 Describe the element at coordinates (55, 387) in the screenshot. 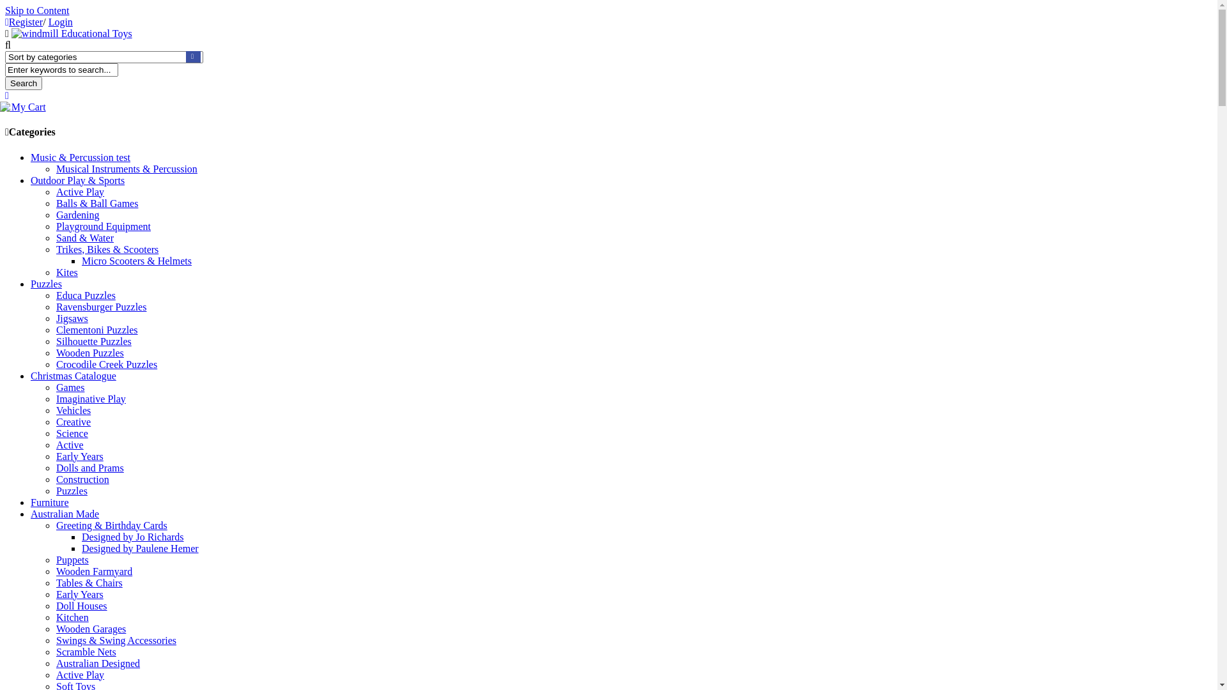

I see `'Games'` at that location.